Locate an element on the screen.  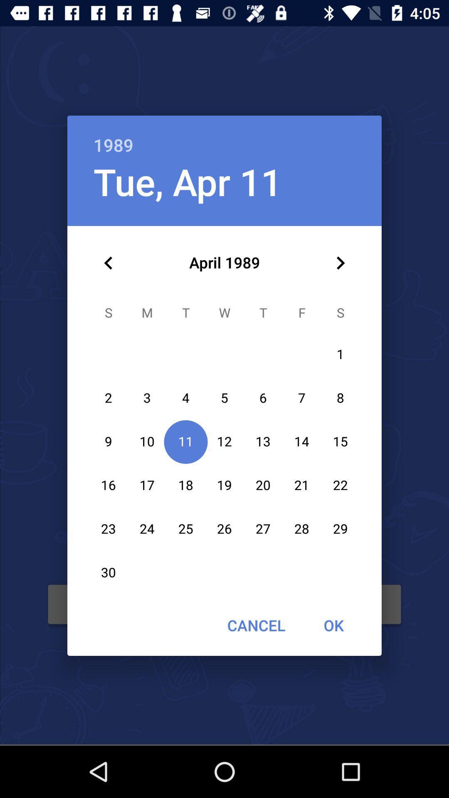
item at the bottom right corner is located at coordinates (333, 625).